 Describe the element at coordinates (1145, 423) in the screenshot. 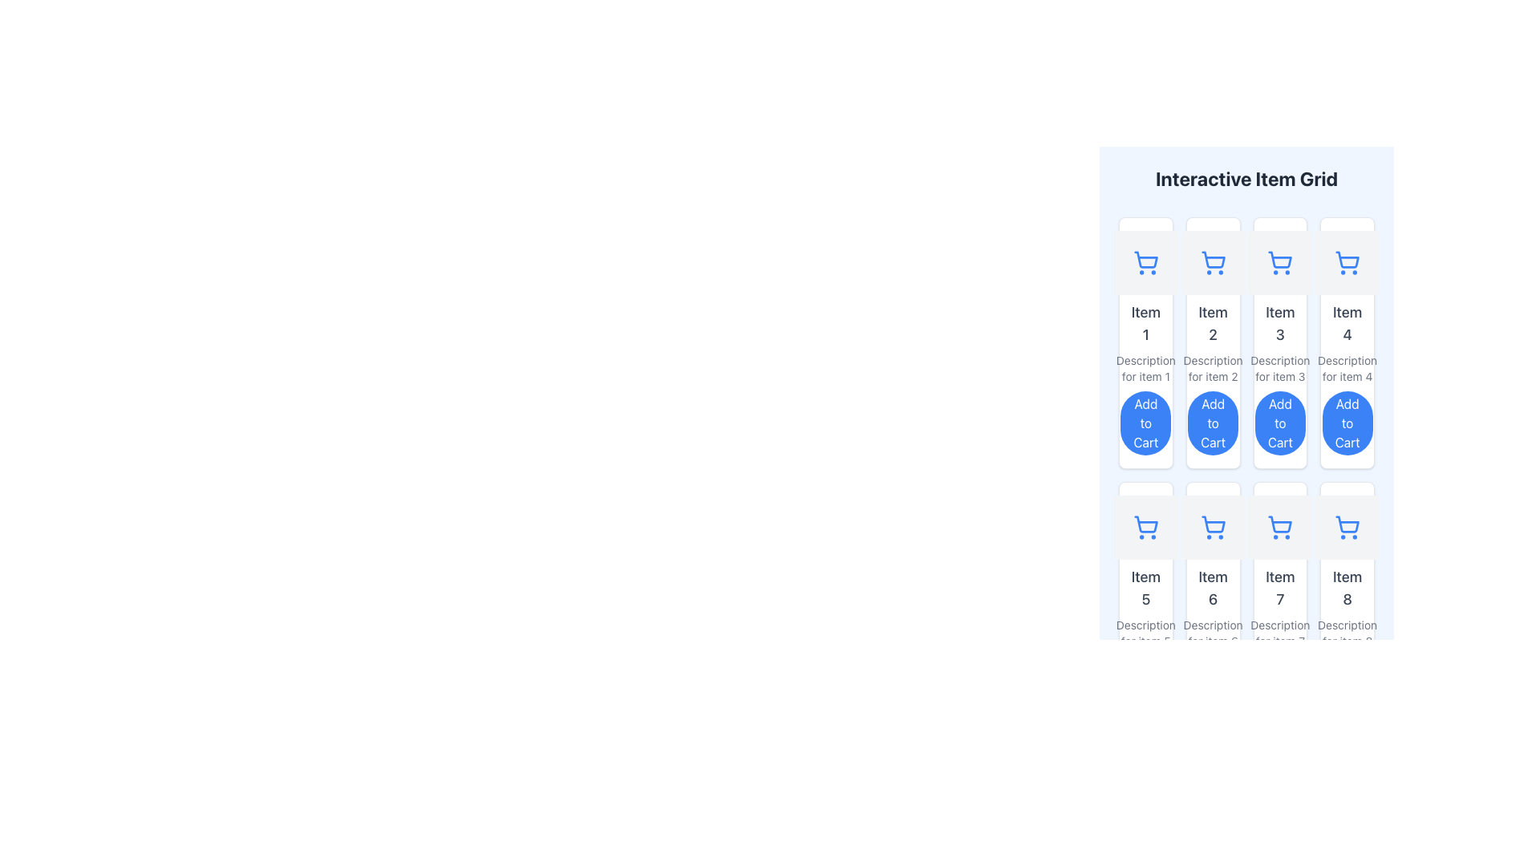

I see `the rounded blue button labeled 'Add to Cart' located at the bottom of the 'Item 1' card` at that location.